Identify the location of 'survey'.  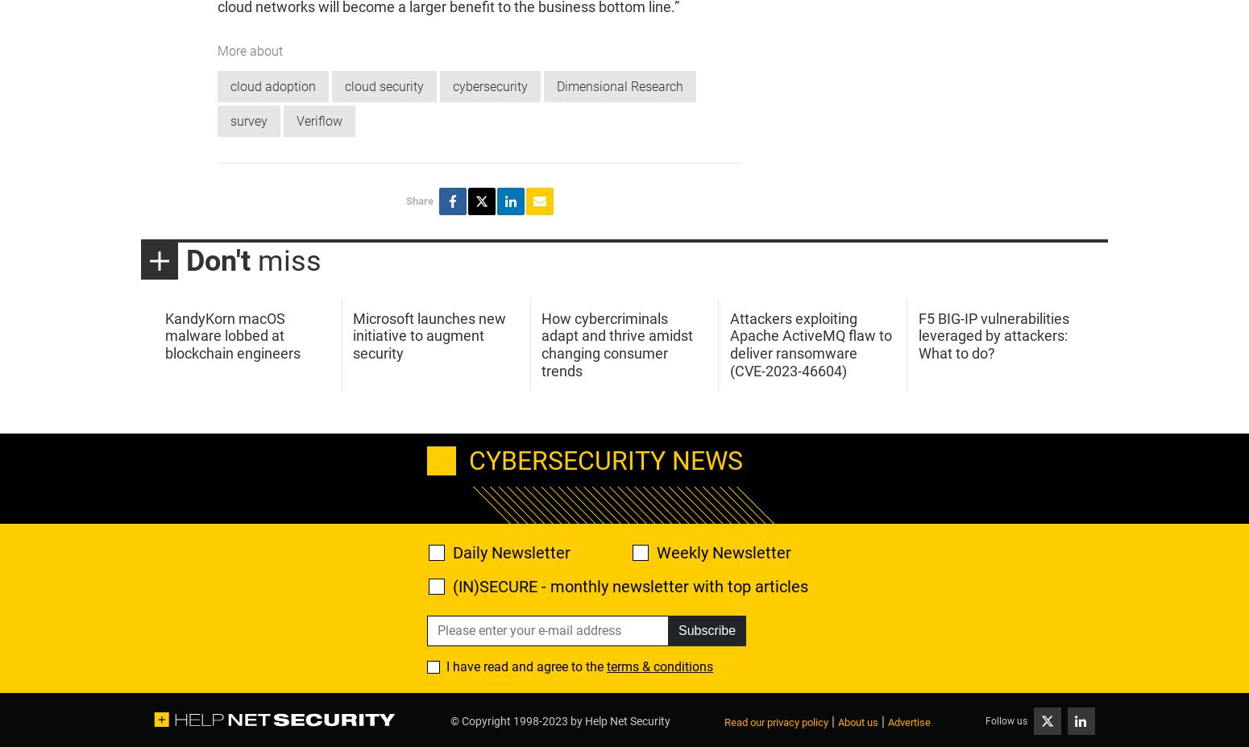
(249, 120).